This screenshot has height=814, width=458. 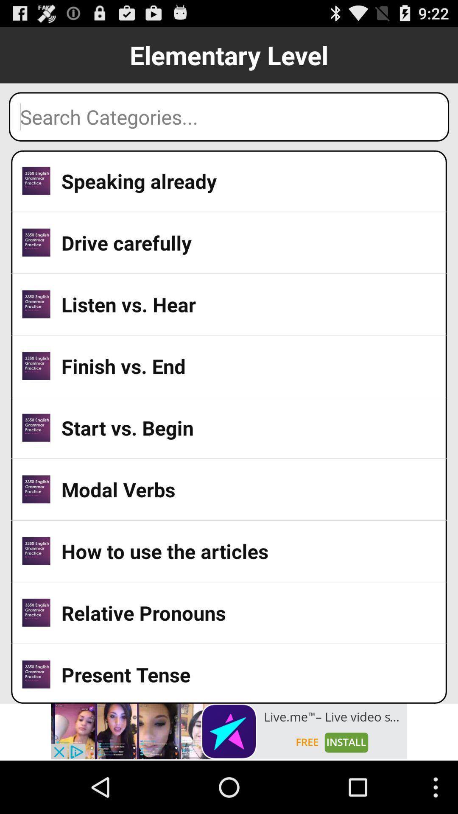 What do you see at coordinates (229, 731) in the screenshot?
I see `showing the advertisement` at bounding box center [229, 731].